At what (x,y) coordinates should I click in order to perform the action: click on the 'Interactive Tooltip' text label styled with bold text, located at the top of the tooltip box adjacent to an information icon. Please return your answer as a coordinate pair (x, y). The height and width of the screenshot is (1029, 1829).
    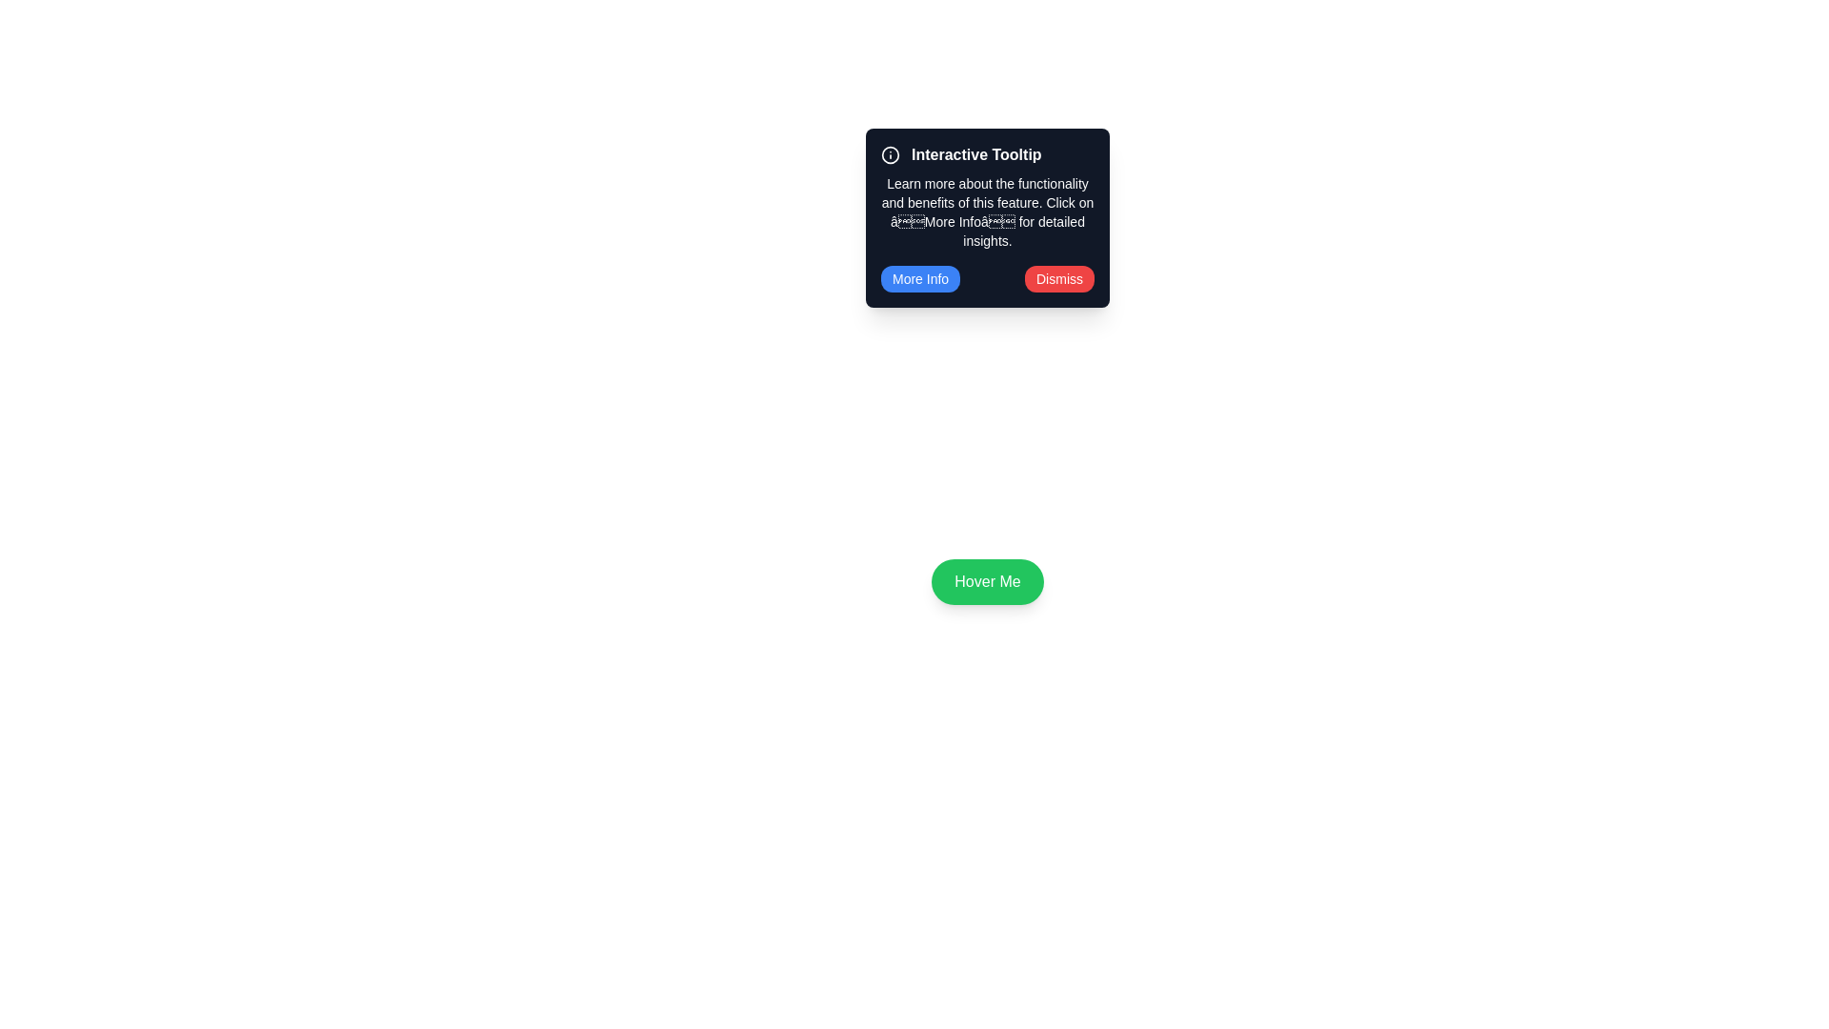
    Looking at the image, I should click on (987, 153).